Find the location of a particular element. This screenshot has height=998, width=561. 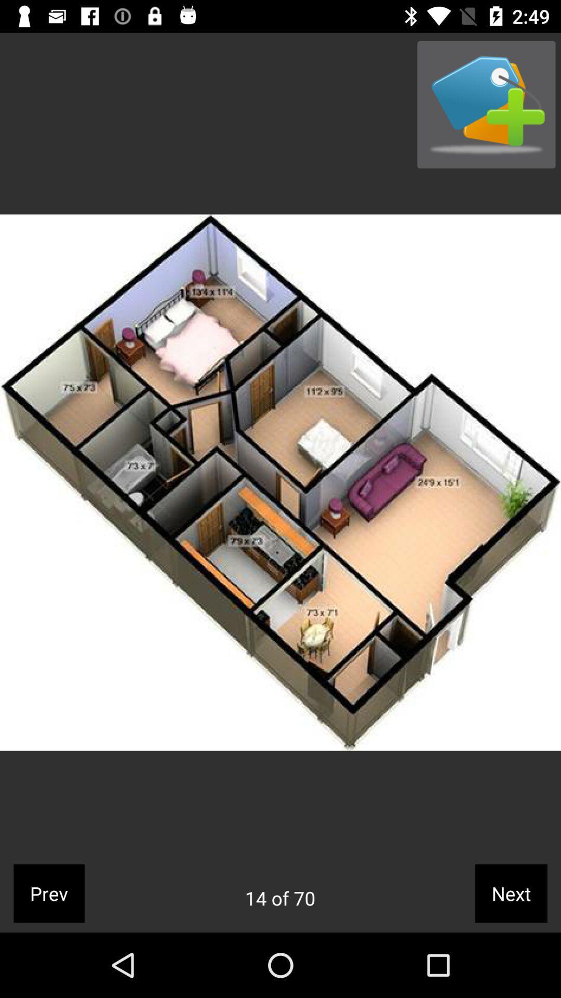

icon to the right of 14 of 70 app is located at coordinates (511, 892).